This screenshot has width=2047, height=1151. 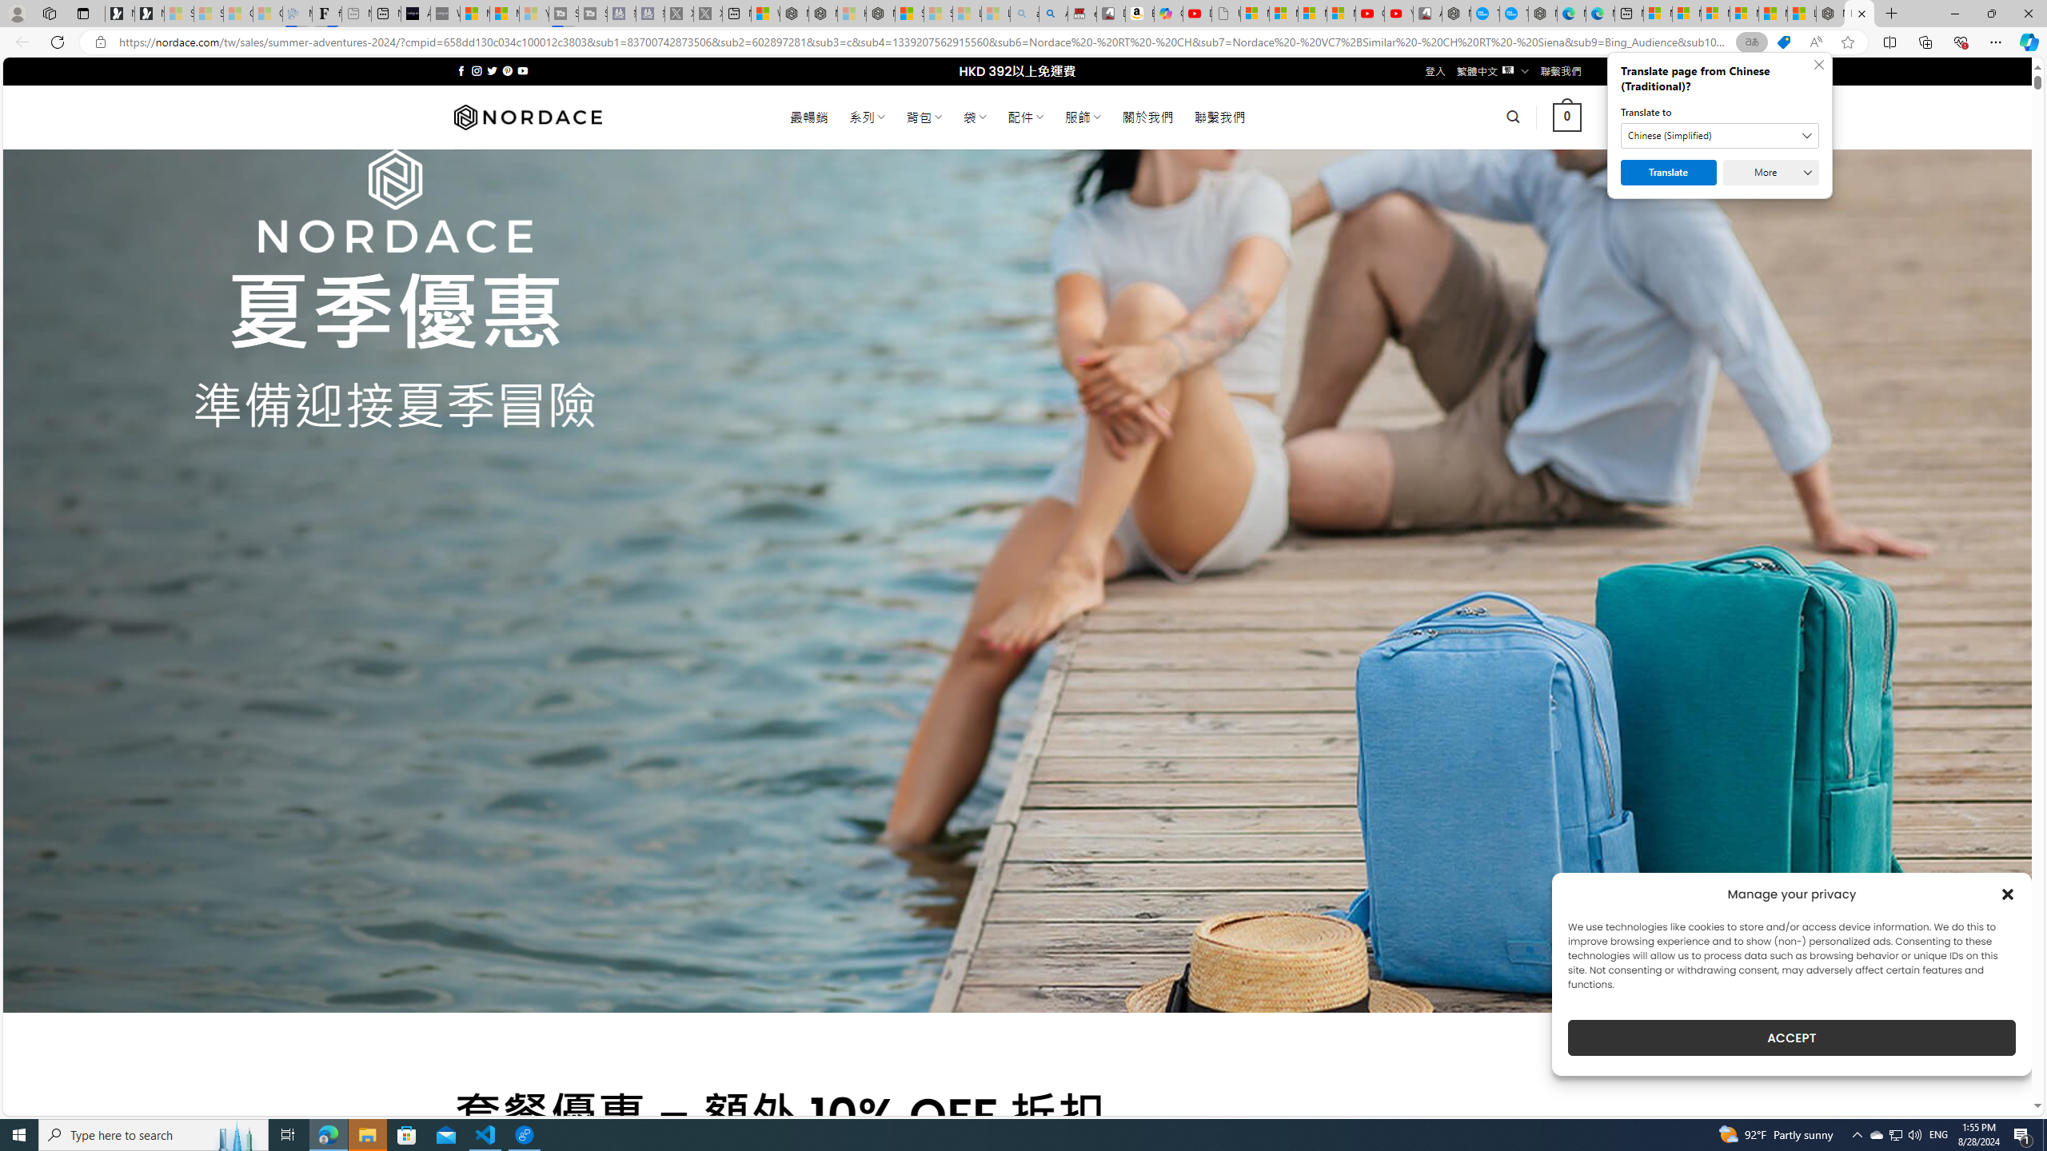 I want to click on 'Nordace - My Account', so click(x=1456, y=13).